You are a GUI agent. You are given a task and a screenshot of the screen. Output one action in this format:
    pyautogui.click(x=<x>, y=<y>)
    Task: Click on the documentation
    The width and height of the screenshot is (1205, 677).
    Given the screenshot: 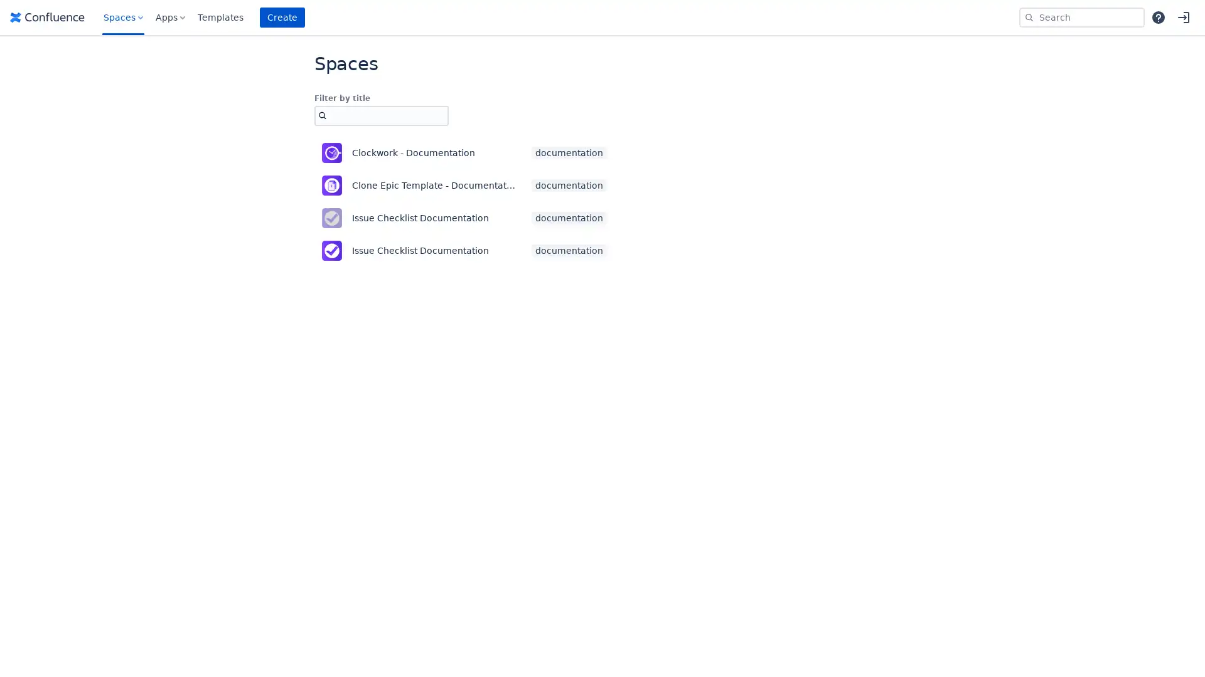 What is the action you would take?
    pyautogui.click(x=569, y=251)
    